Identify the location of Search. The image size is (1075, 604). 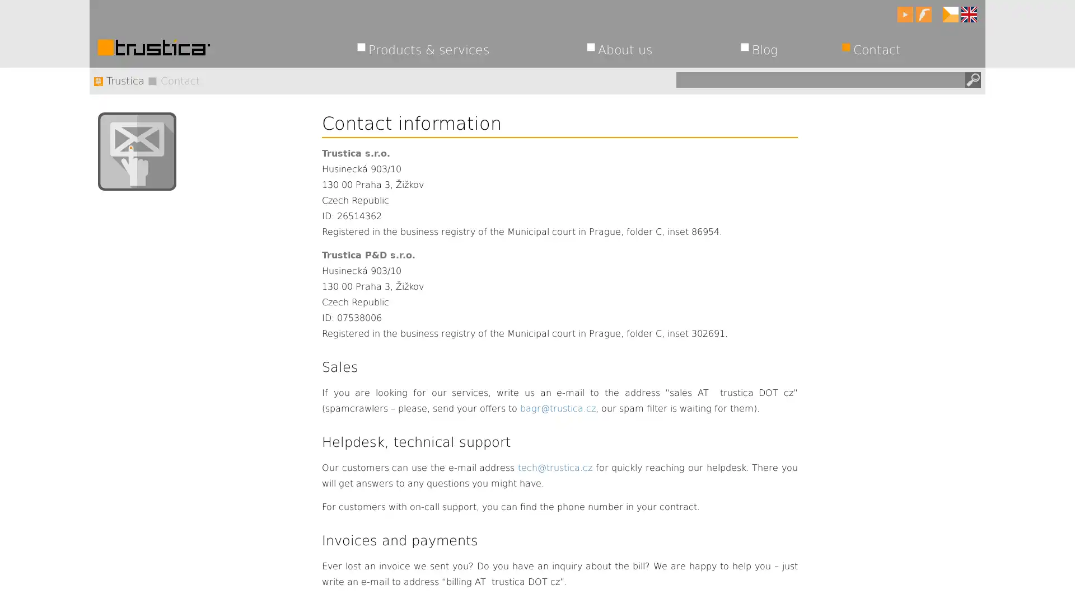
(972, 79).